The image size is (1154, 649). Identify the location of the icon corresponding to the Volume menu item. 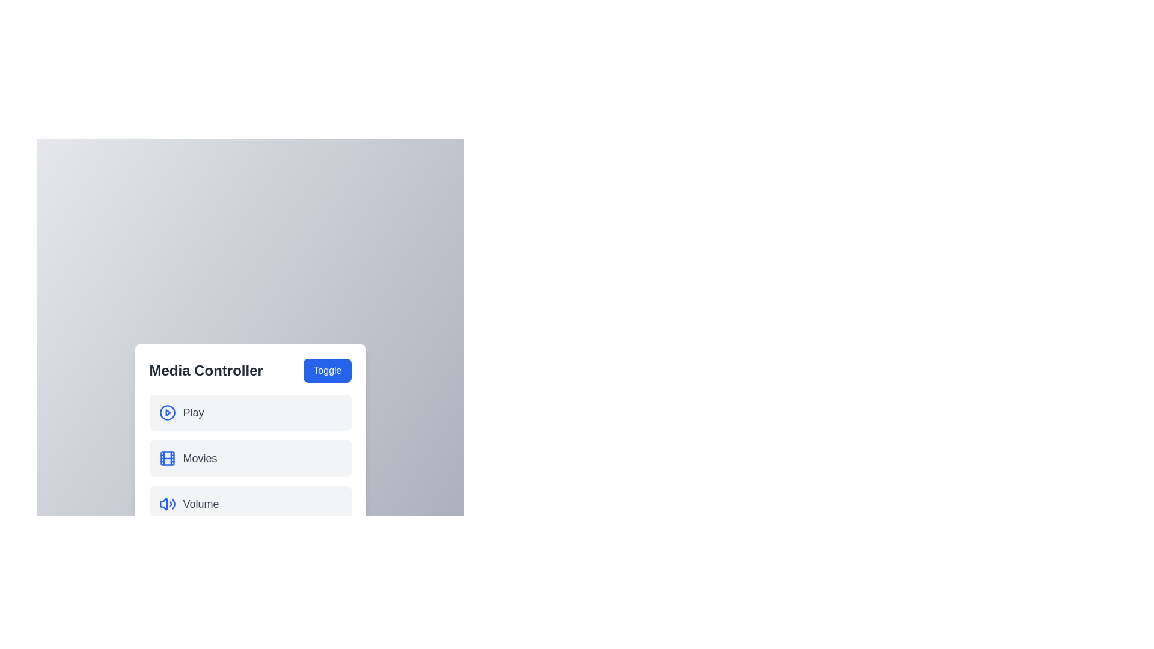
(166, 504).